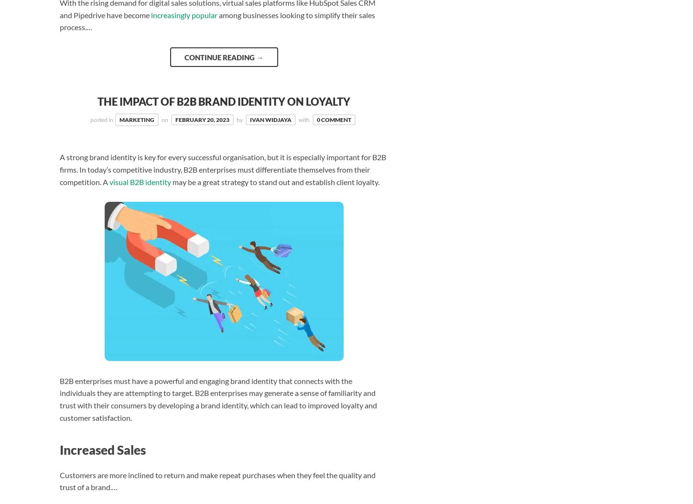 This screenshot has width=693, height=504. I want to click on 'The Impact of B2B Brand Identity on Loyalty', so click(97, 101).